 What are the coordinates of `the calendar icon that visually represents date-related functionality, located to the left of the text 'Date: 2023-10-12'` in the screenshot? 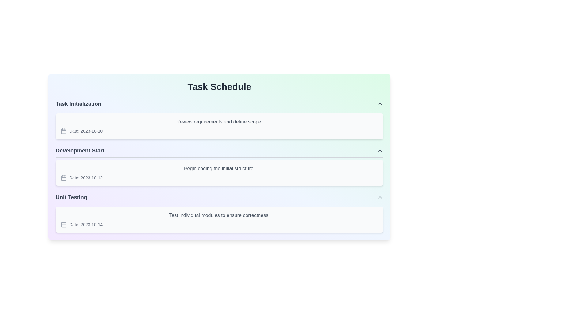 It's located at (63, 178).